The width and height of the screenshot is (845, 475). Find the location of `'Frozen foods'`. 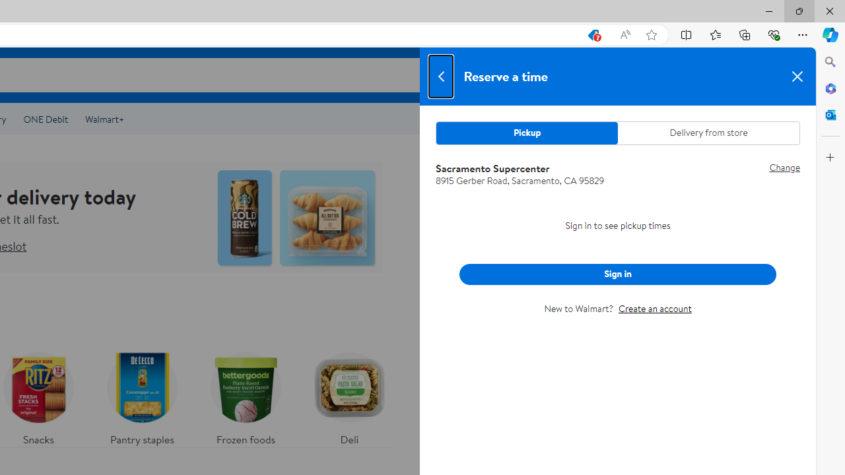

'Frozen foods' is located at coordinates (245, 395).